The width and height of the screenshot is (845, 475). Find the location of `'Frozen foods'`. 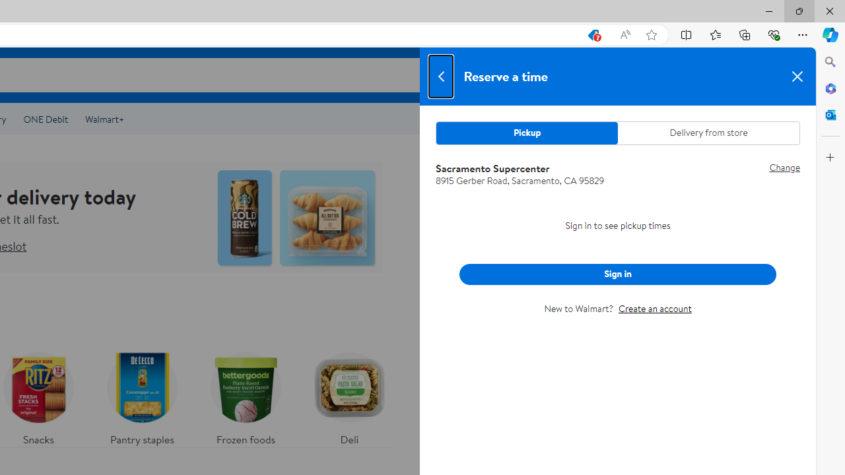

'Frozen foods' is located at coordinates (245, 395).